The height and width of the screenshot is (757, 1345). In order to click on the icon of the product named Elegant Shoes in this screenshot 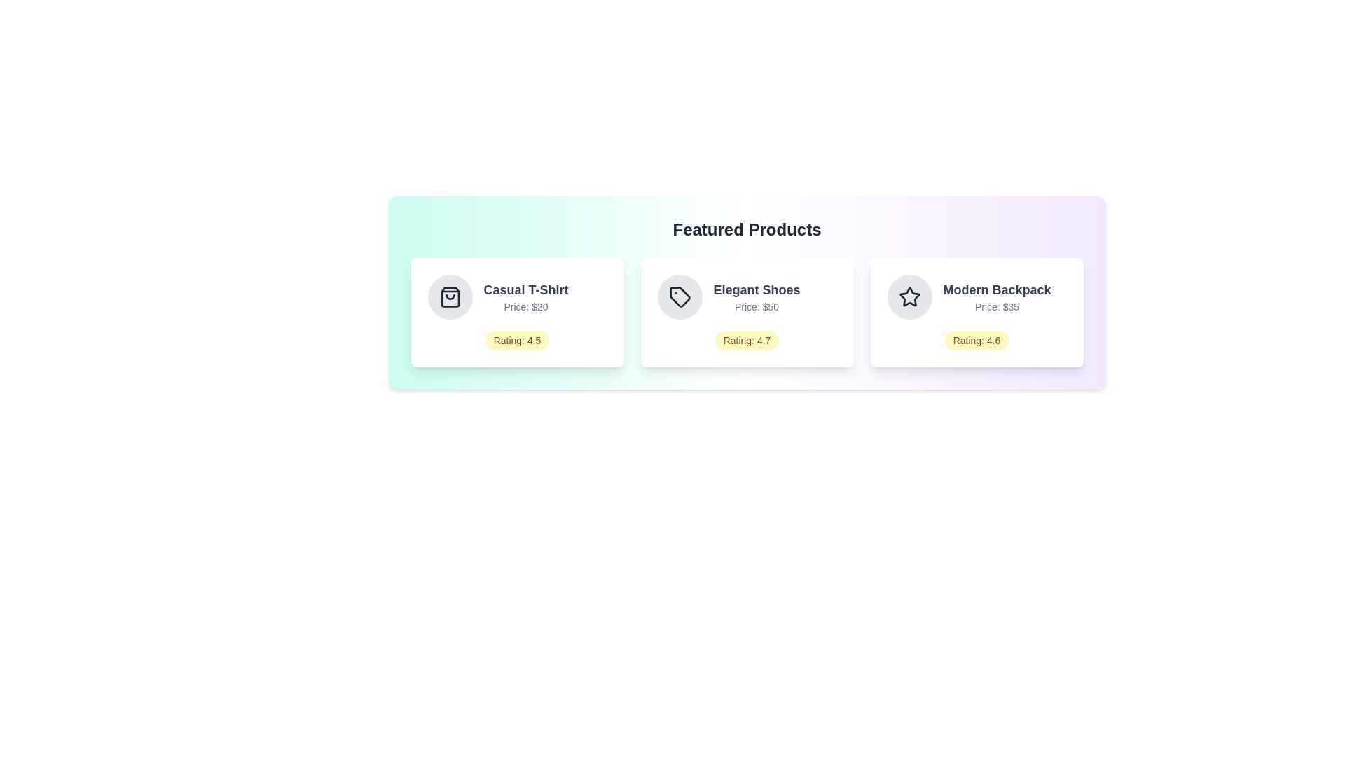, I will do `click(680, 296)`.